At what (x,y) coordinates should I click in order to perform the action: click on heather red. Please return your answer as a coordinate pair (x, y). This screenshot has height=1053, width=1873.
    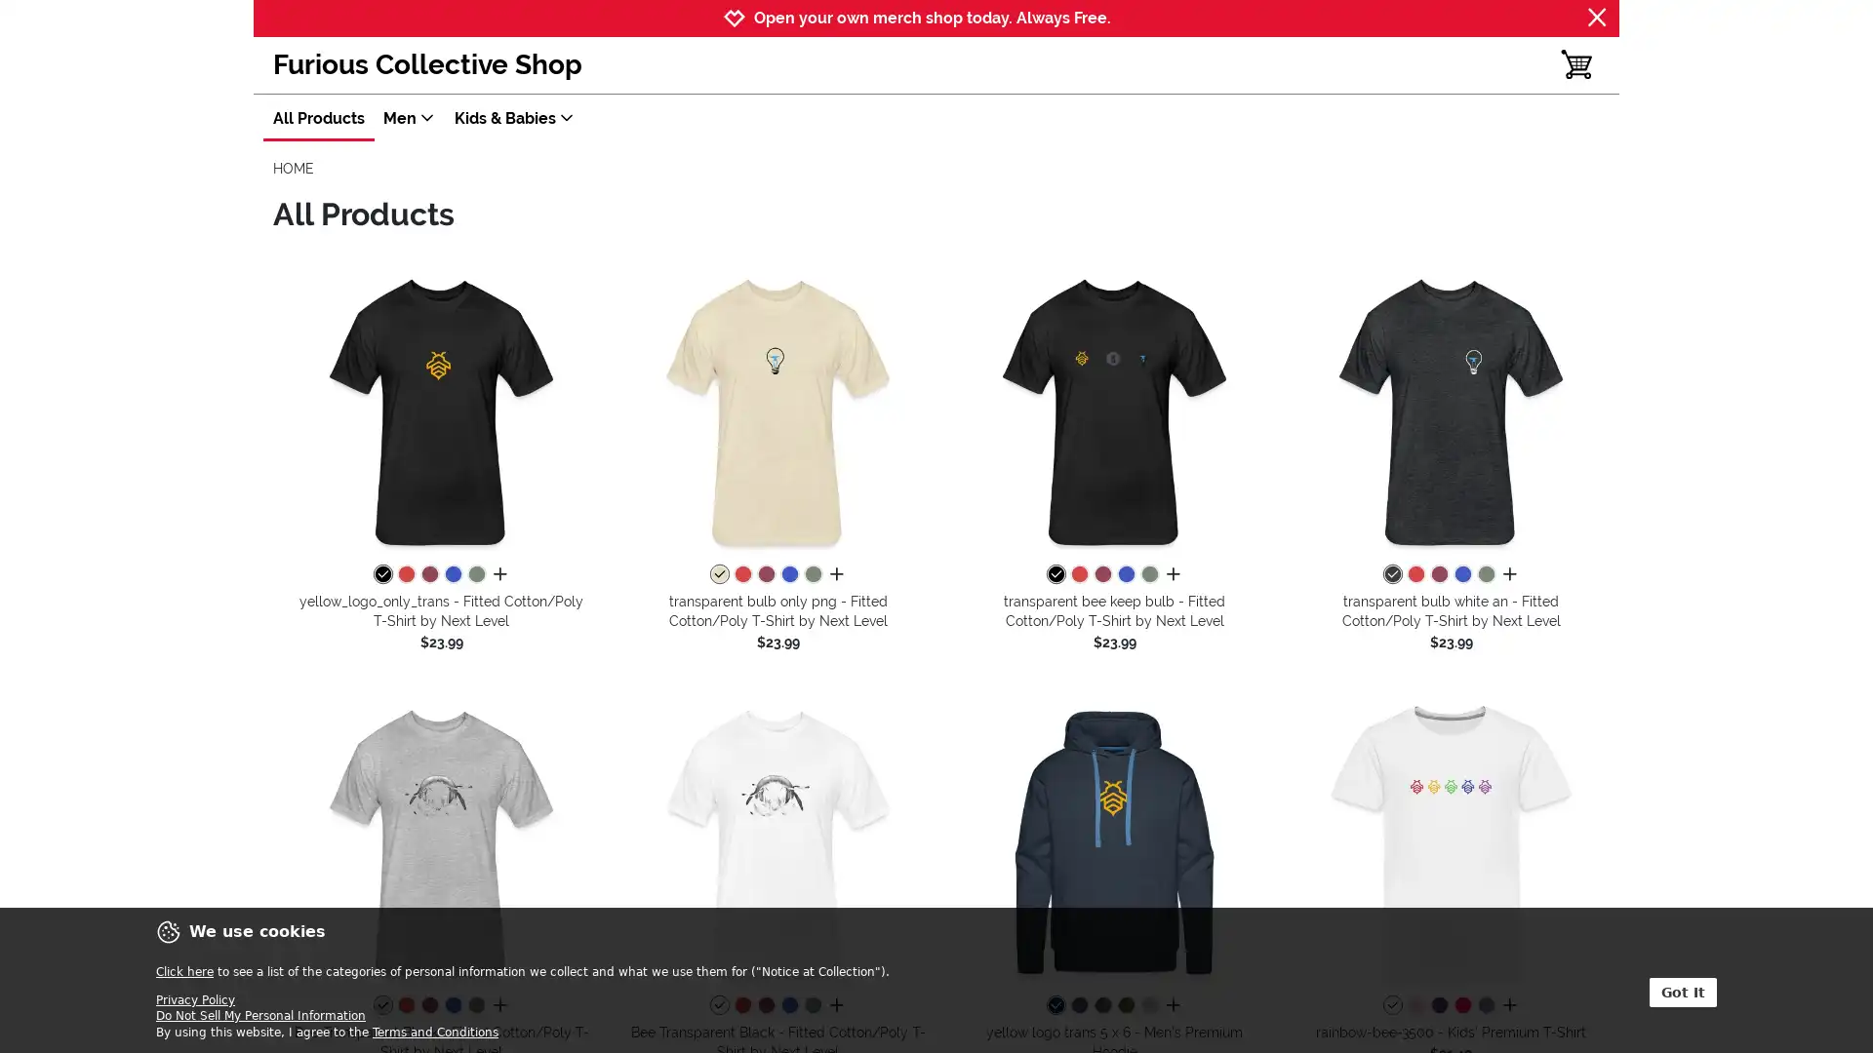
    Looking at the image, I should click on (405, 574).